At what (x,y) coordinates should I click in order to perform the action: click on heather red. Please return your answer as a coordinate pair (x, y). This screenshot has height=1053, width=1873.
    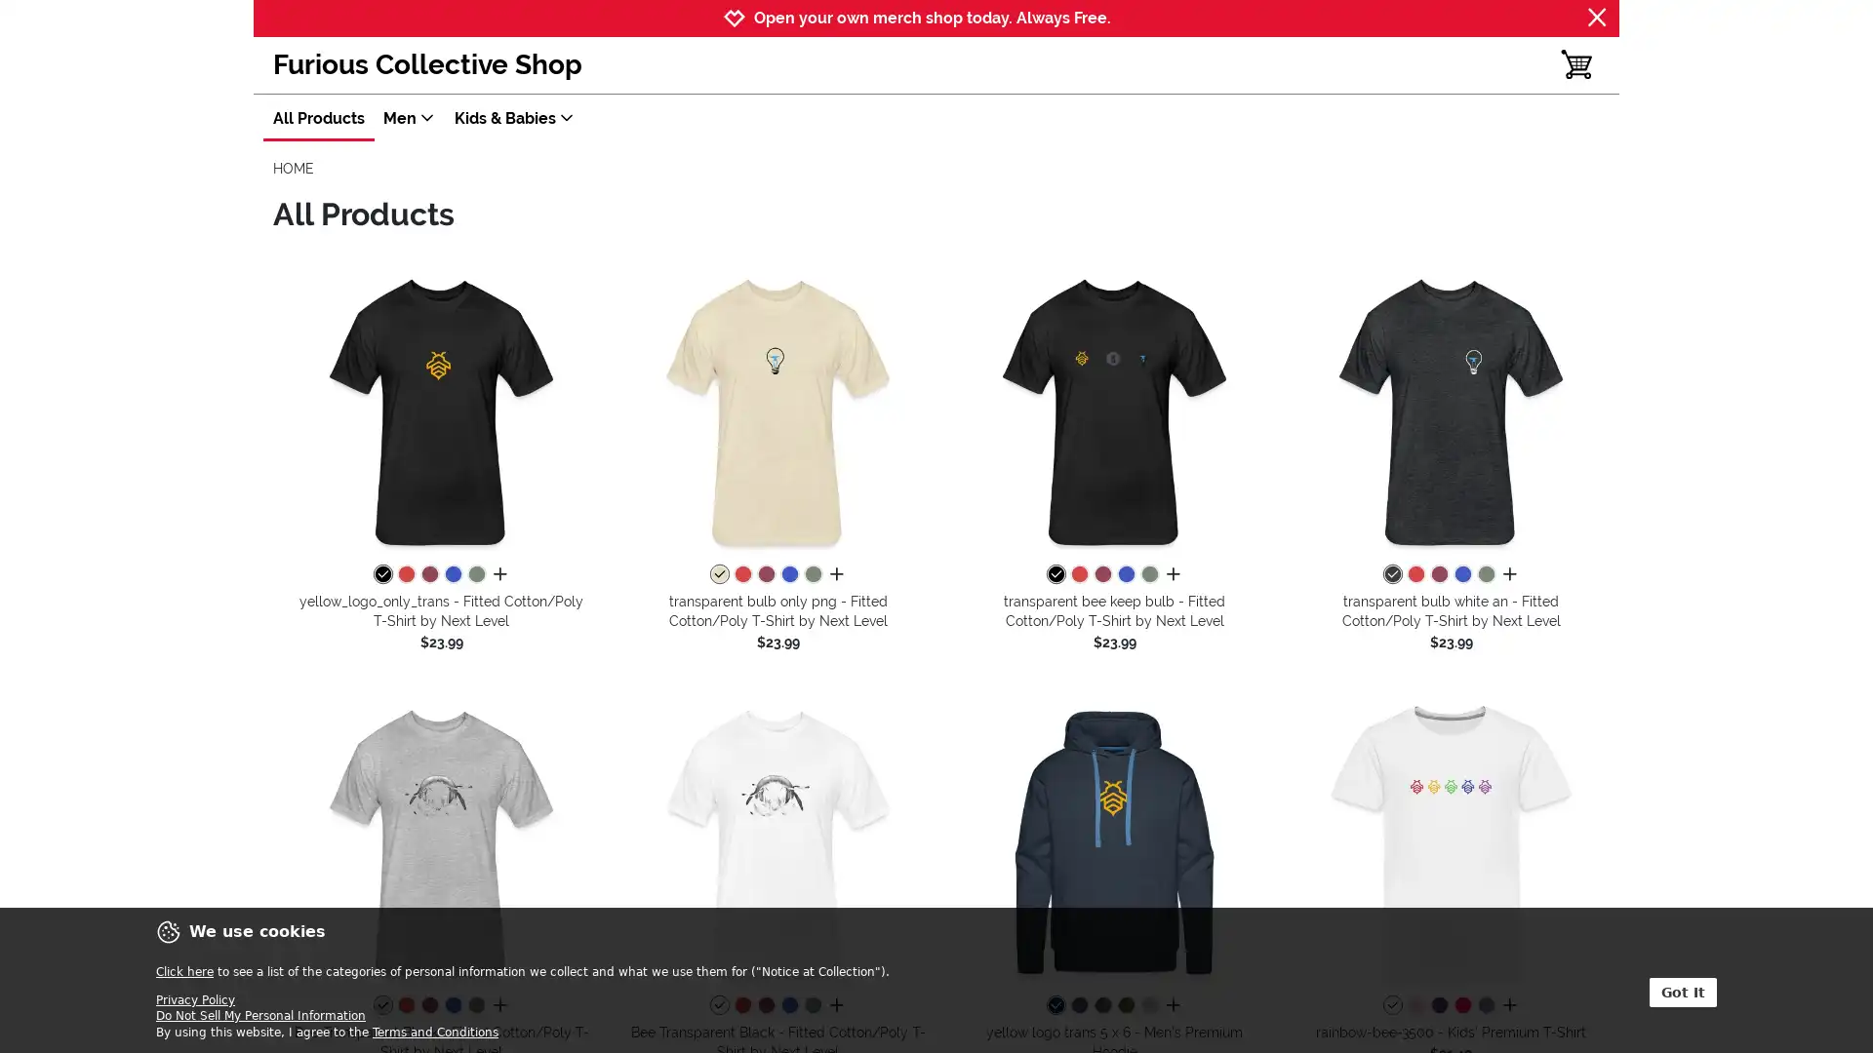
    Looking at the image, I should click on (405, 574).